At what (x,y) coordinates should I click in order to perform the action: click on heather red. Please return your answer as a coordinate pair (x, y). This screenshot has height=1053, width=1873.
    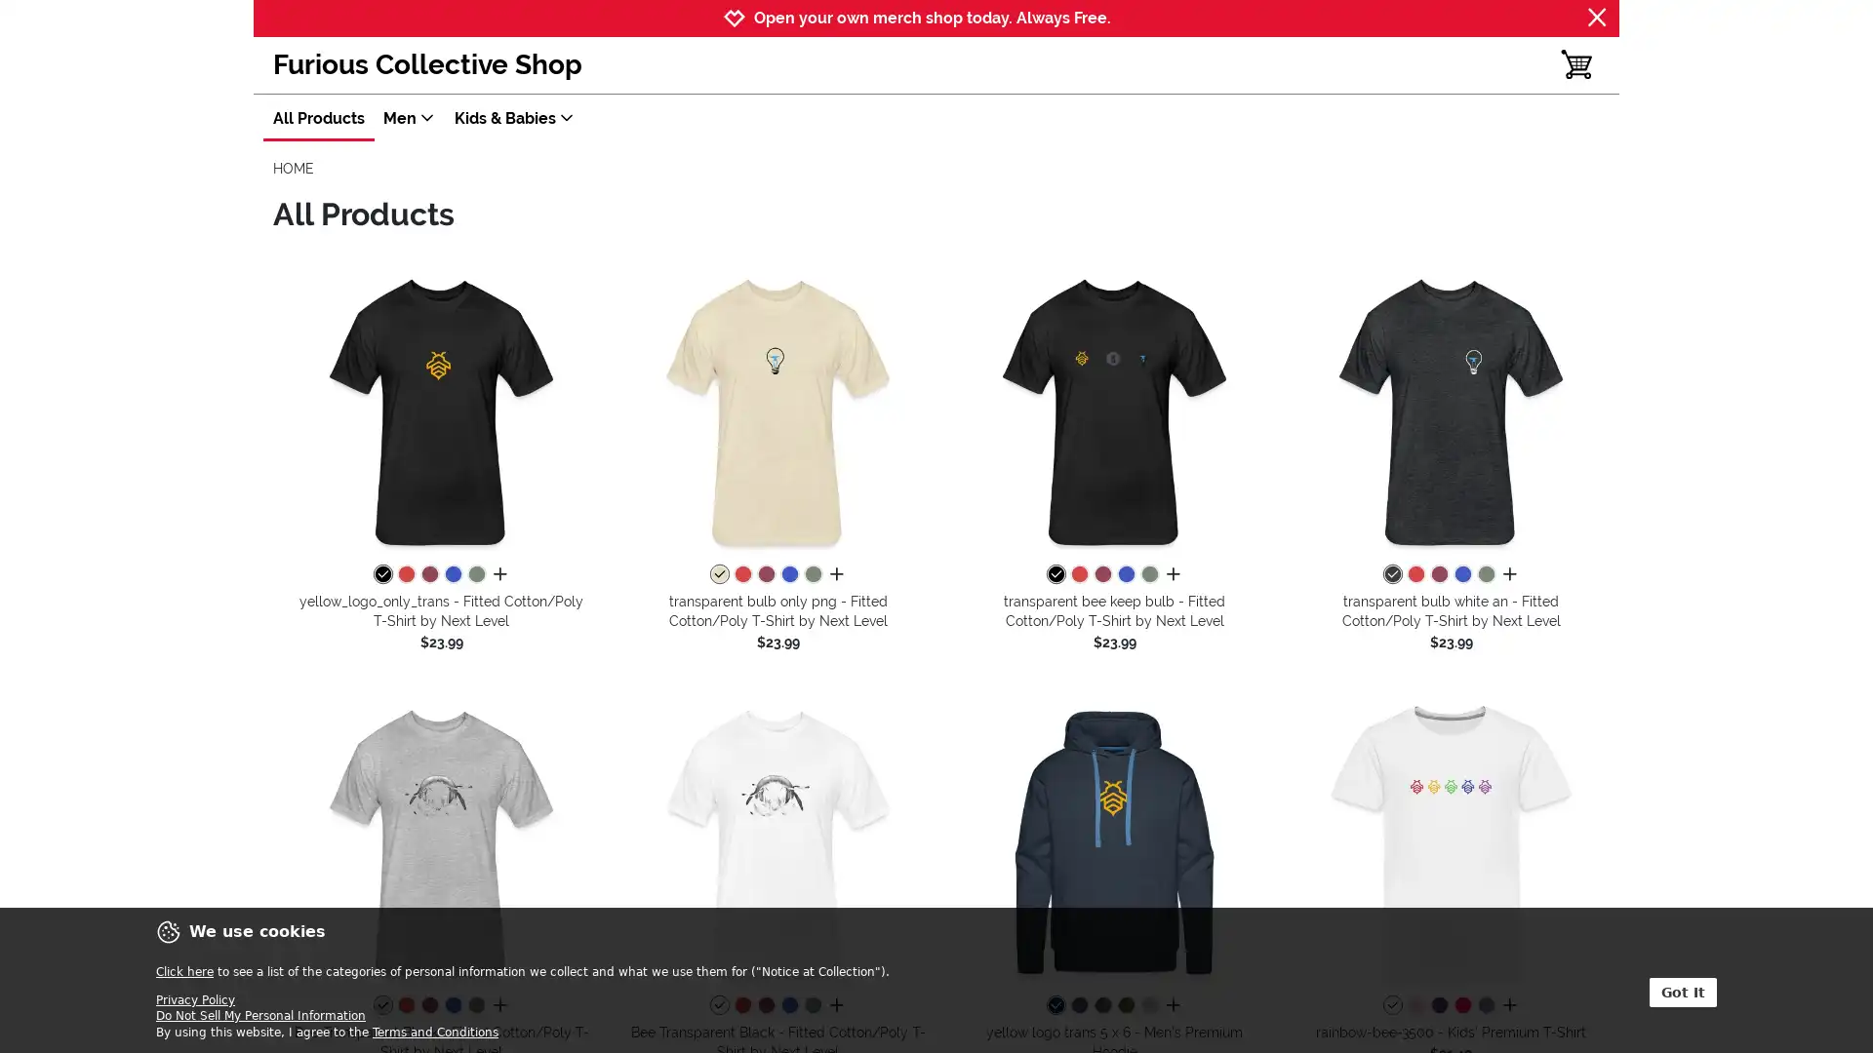
    Looking at the image, I should click on (405, 574).